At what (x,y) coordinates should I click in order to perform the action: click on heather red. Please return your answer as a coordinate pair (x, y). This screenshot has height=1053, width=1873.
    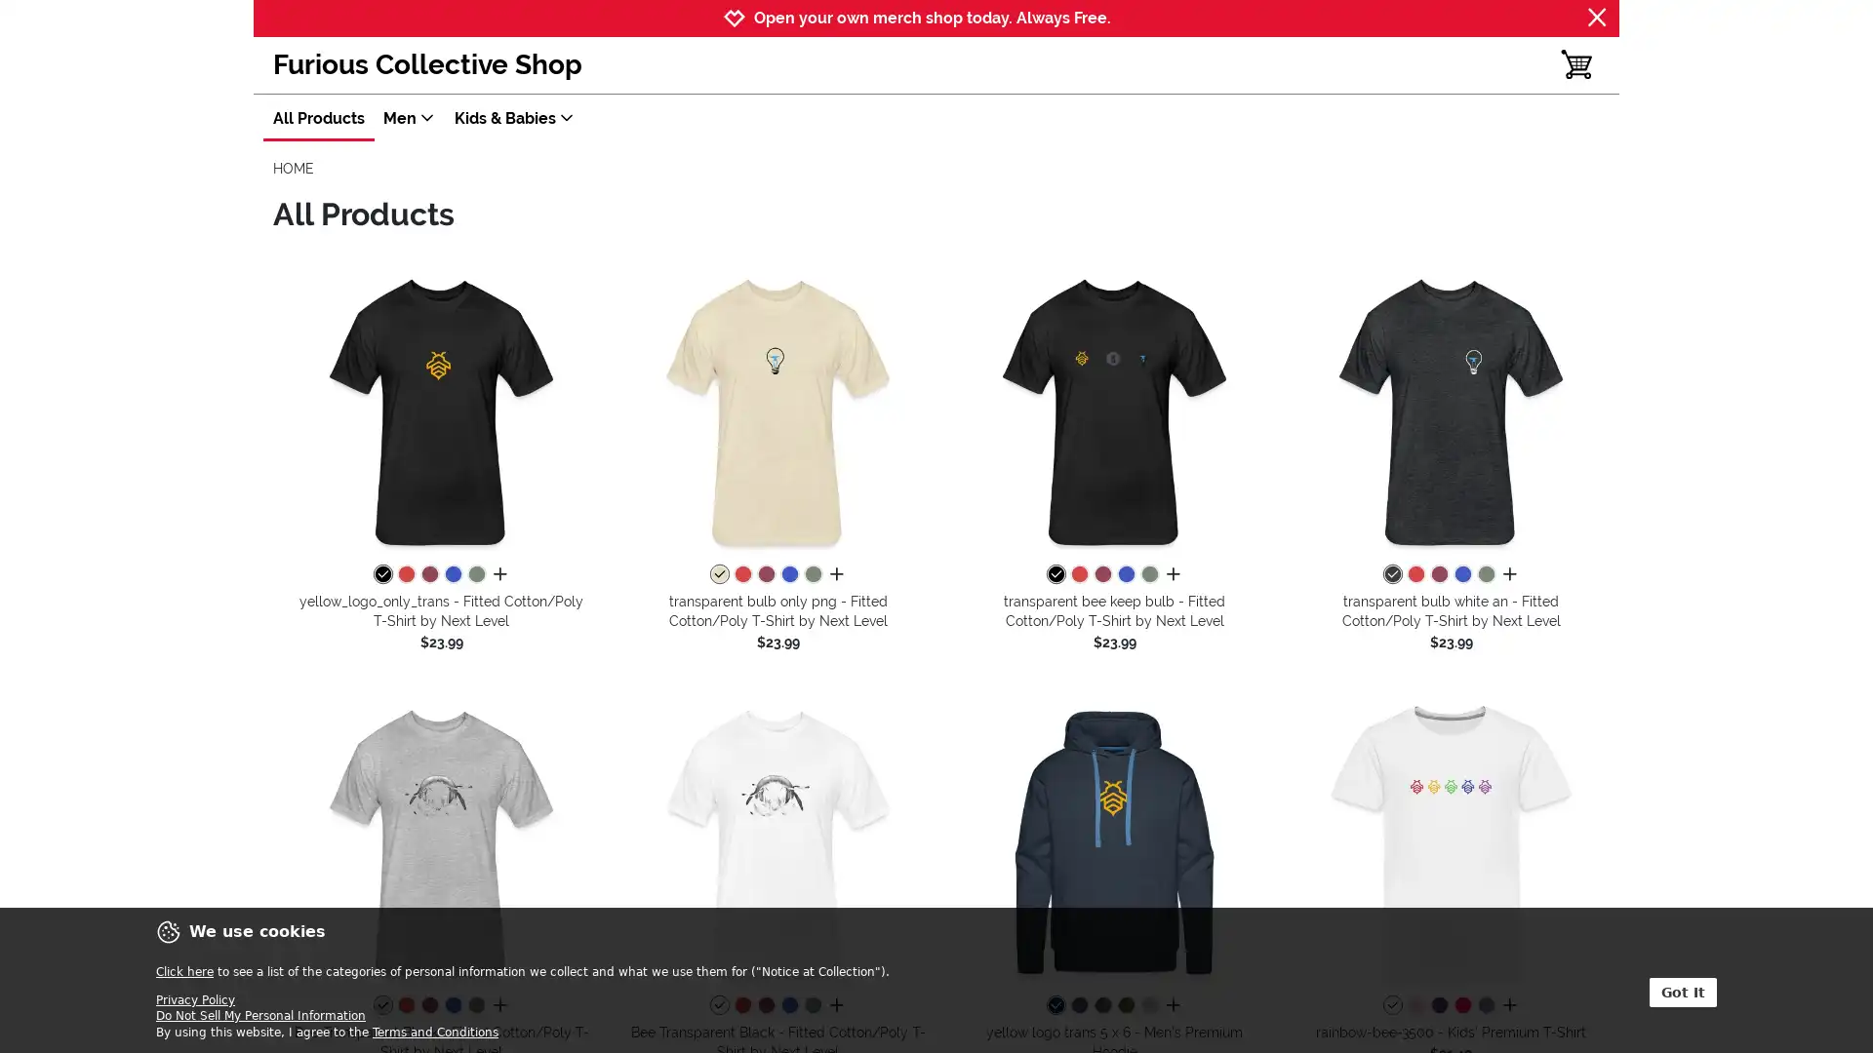
    Looking at the image, I should click on (405, 574).